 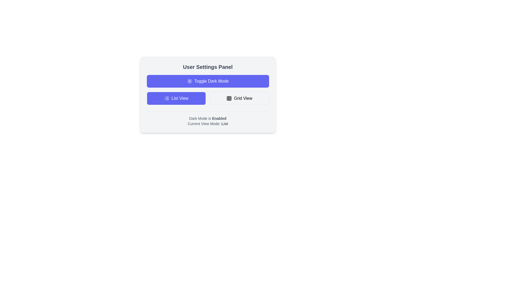 I want to click on the 'Grid View' button located in the User Settings Panel, which has a white background, black text, and is positioned, so click(x=239, y=98).